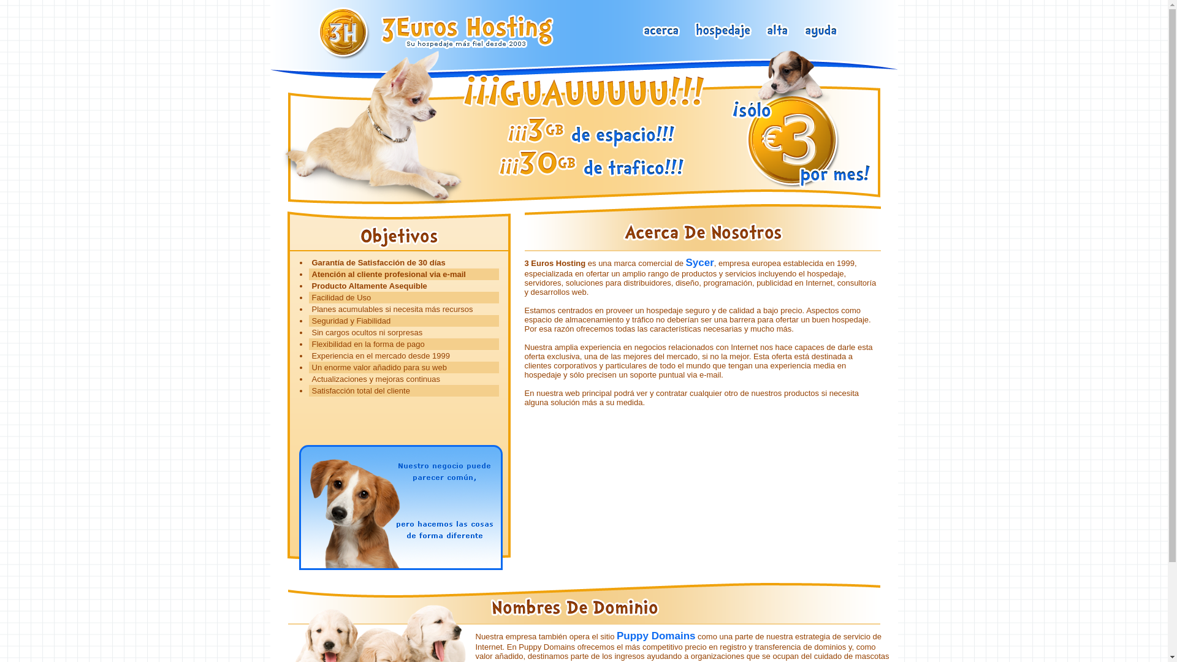 This screenshot has height=662, width=1177. Describe the element at coordinates (440, 32) in the screenshot. I see `'3 Euros Hosting Logo'` at that location.